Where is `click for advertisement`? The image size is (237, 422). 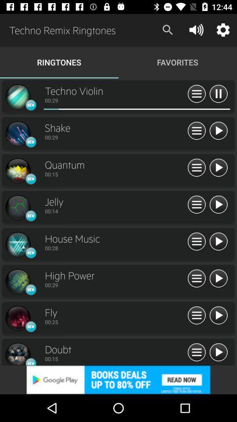
click for advertisement is located at coordinates (118, 379).